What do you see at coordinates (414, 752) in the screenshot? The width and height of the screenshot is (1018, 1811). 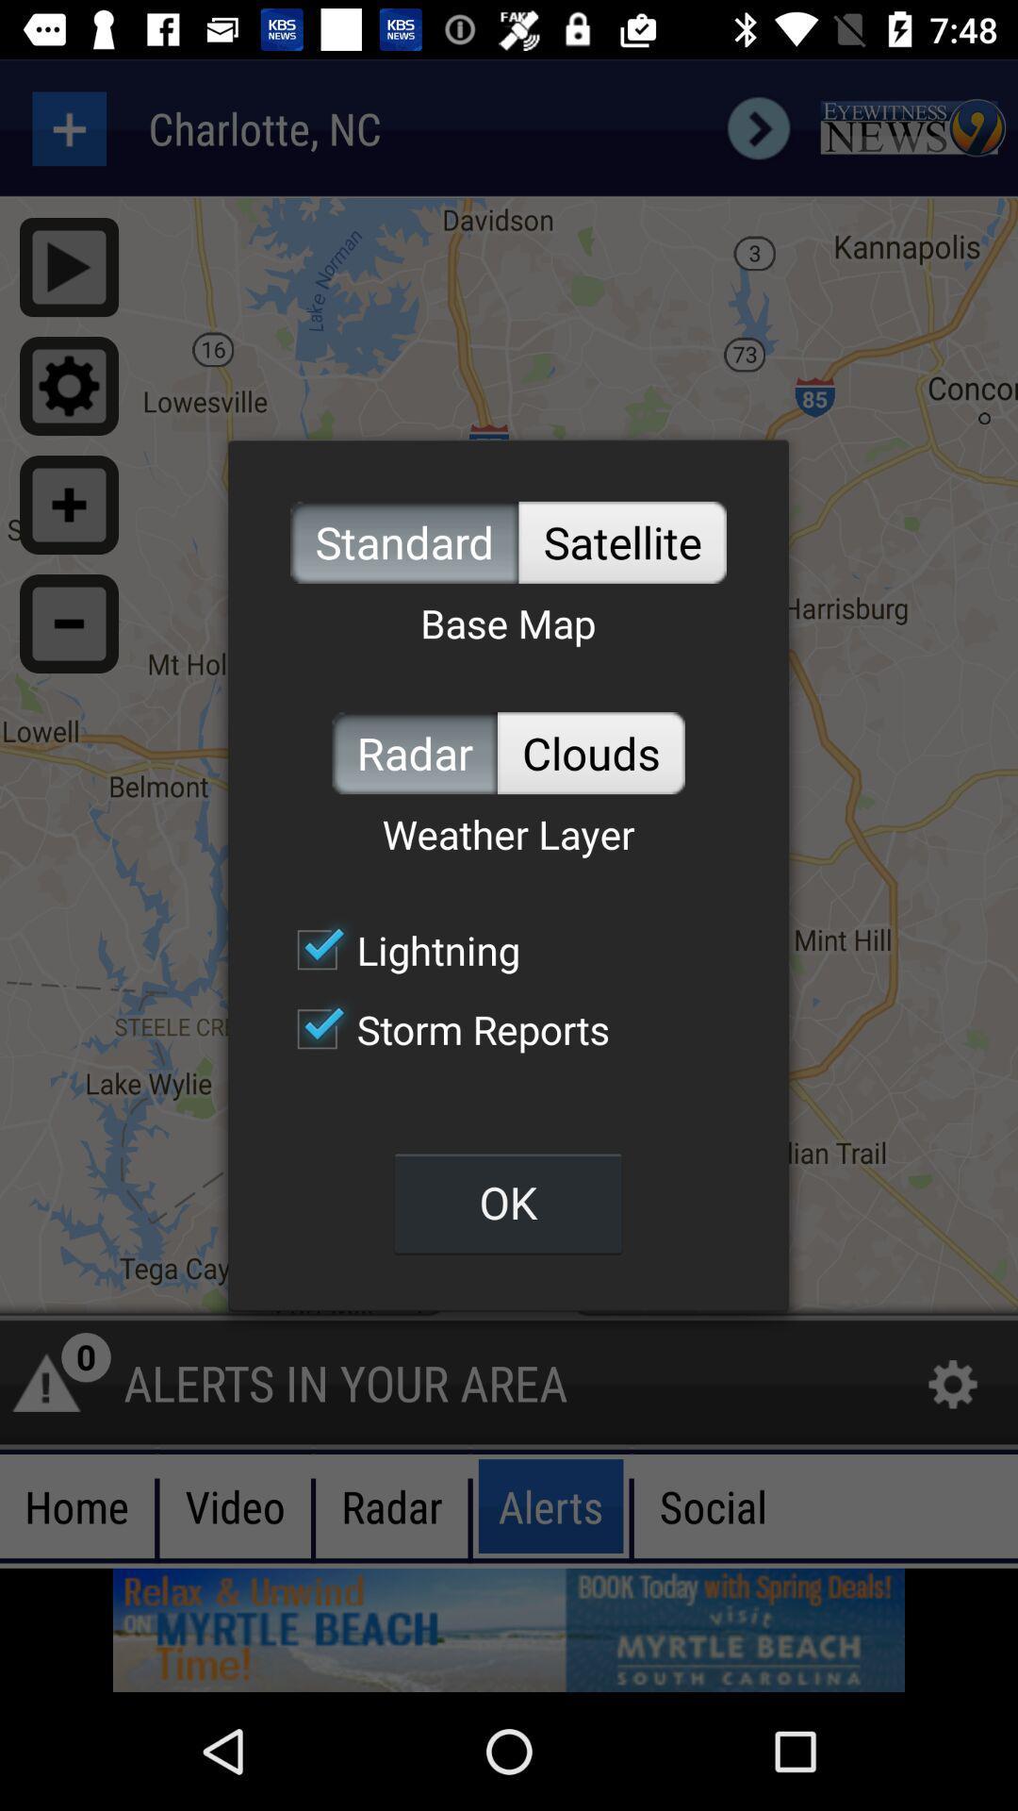 I see `item to the left of clouds` at bounding box center [414, 752].